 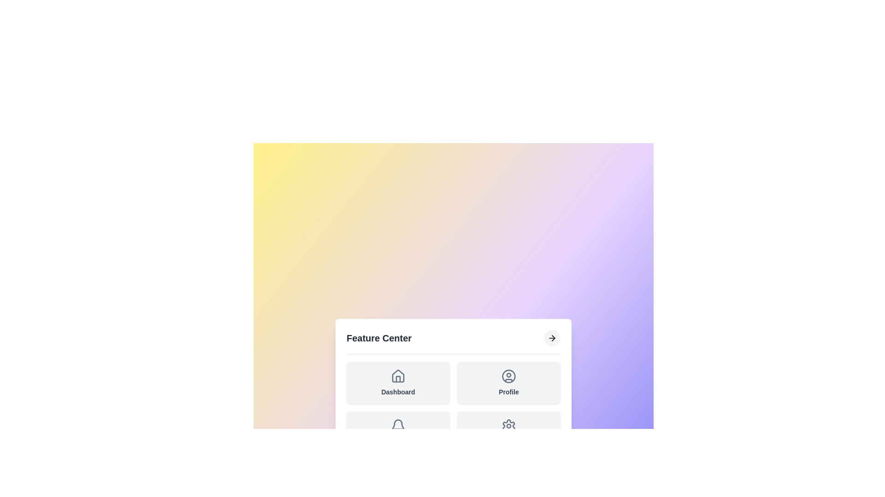 What do you see at coordinates (398, 432) in the screenshot?
I see `the 'Notifications' feature to select it` at bounding box center [398, 432].